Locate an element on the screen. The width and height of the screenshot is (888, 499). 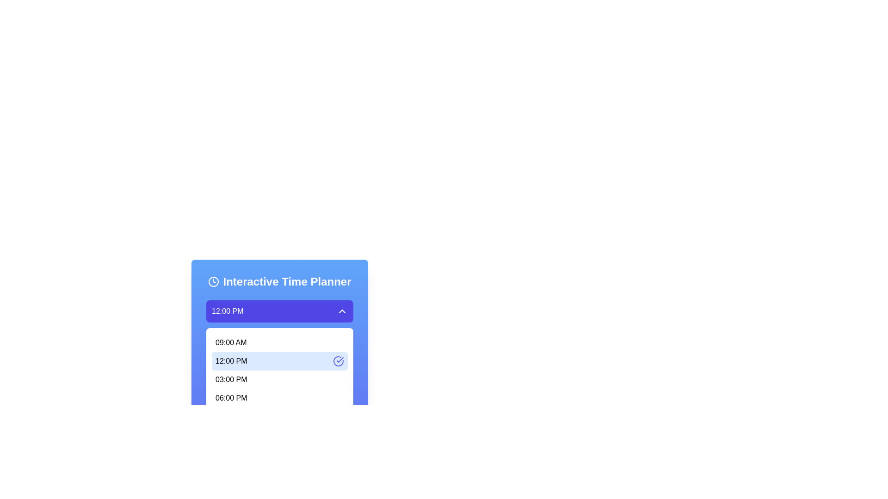
the first item in the vertical list representing a selectable time slot in the schedule, located beneath the '12:00 PM' dropdown is located at coordinates (279, 342).